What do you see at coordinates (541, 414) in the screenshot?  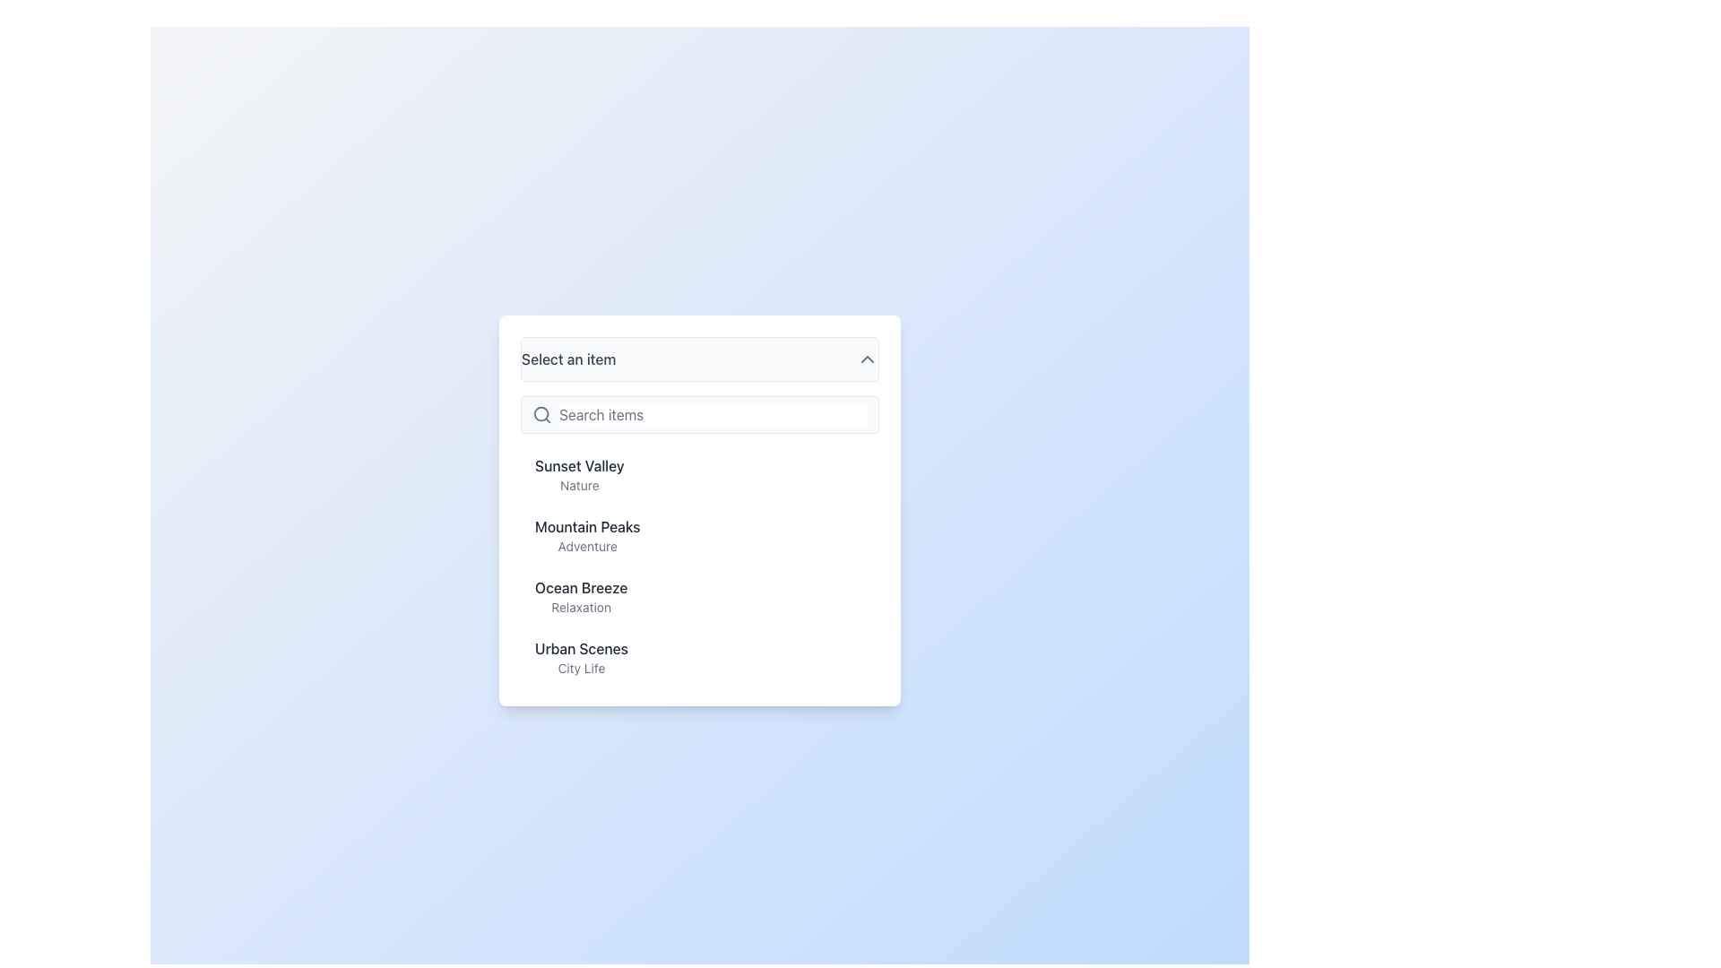 I see `the circular part of the search icon, which is positioned to the immediate left of the input field labeled 'Search items'` at bounding box center [541, 414].